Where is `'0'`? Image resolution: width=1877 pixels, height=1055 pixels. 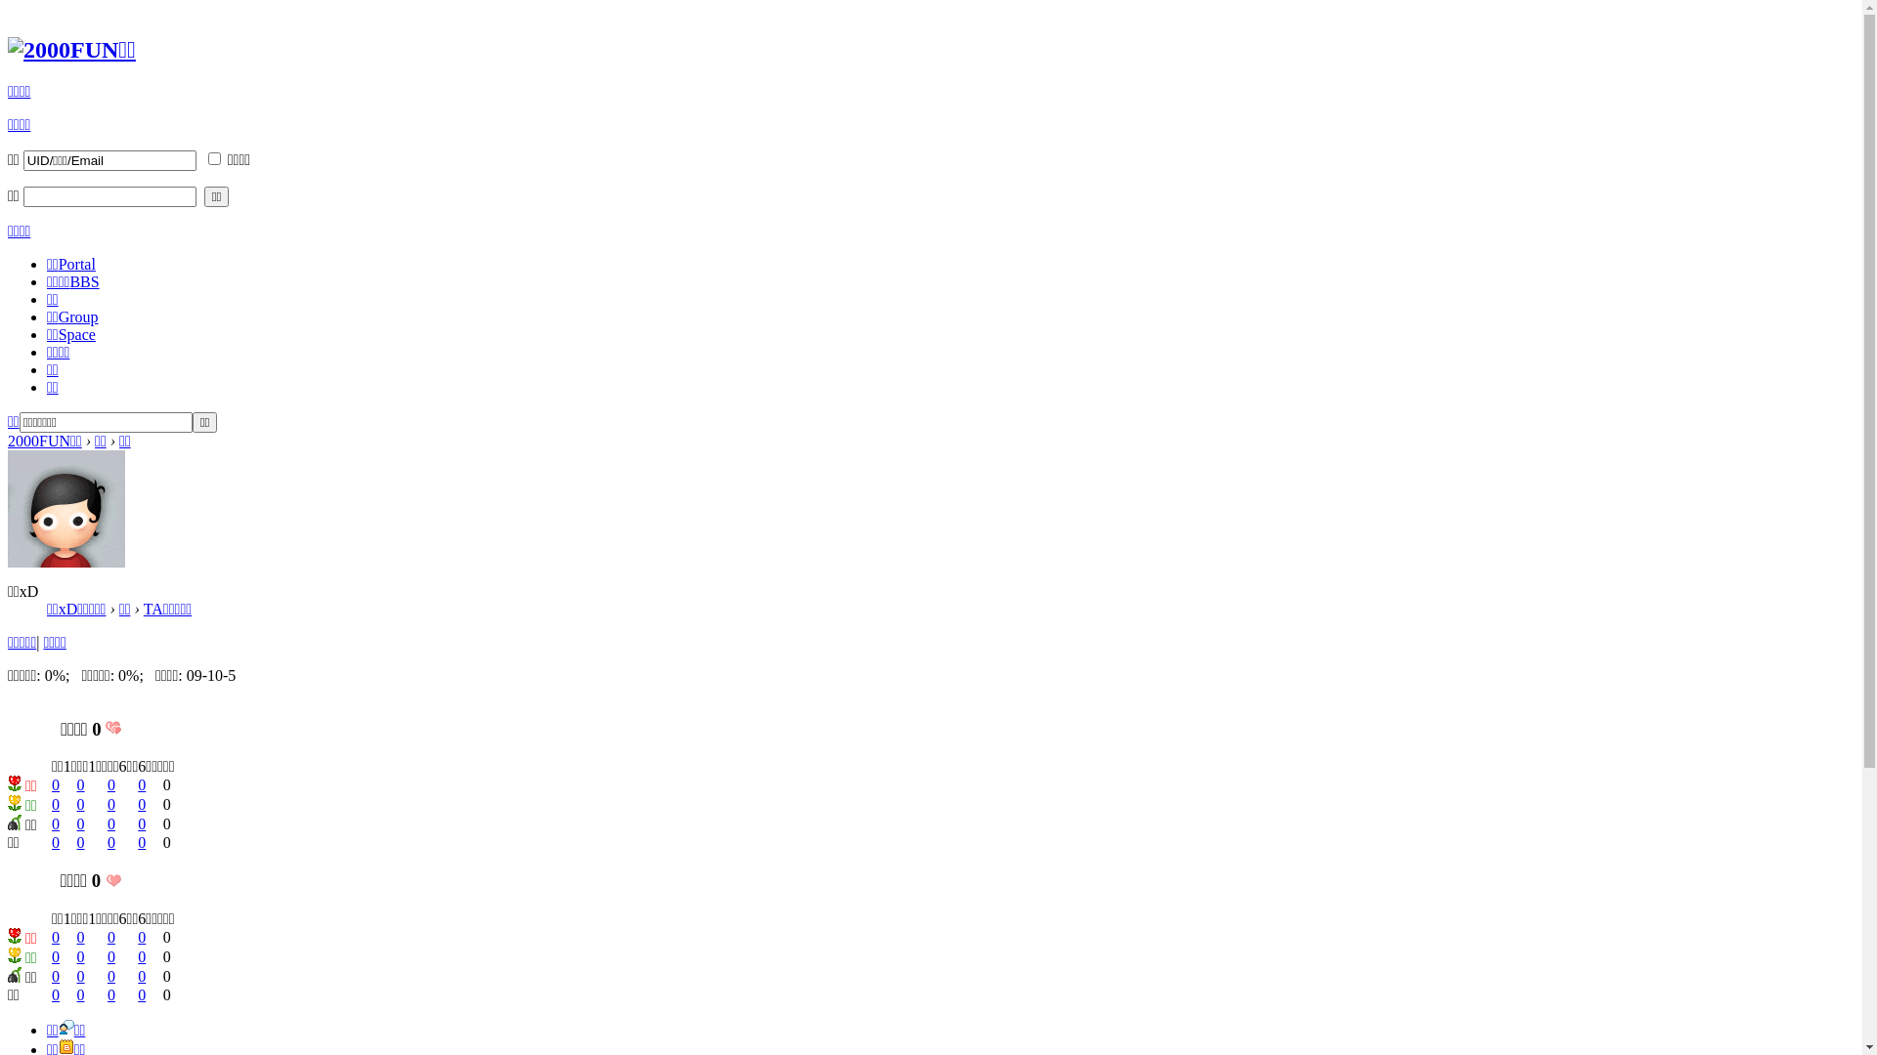
'0' is located at coordinates (110, 823).